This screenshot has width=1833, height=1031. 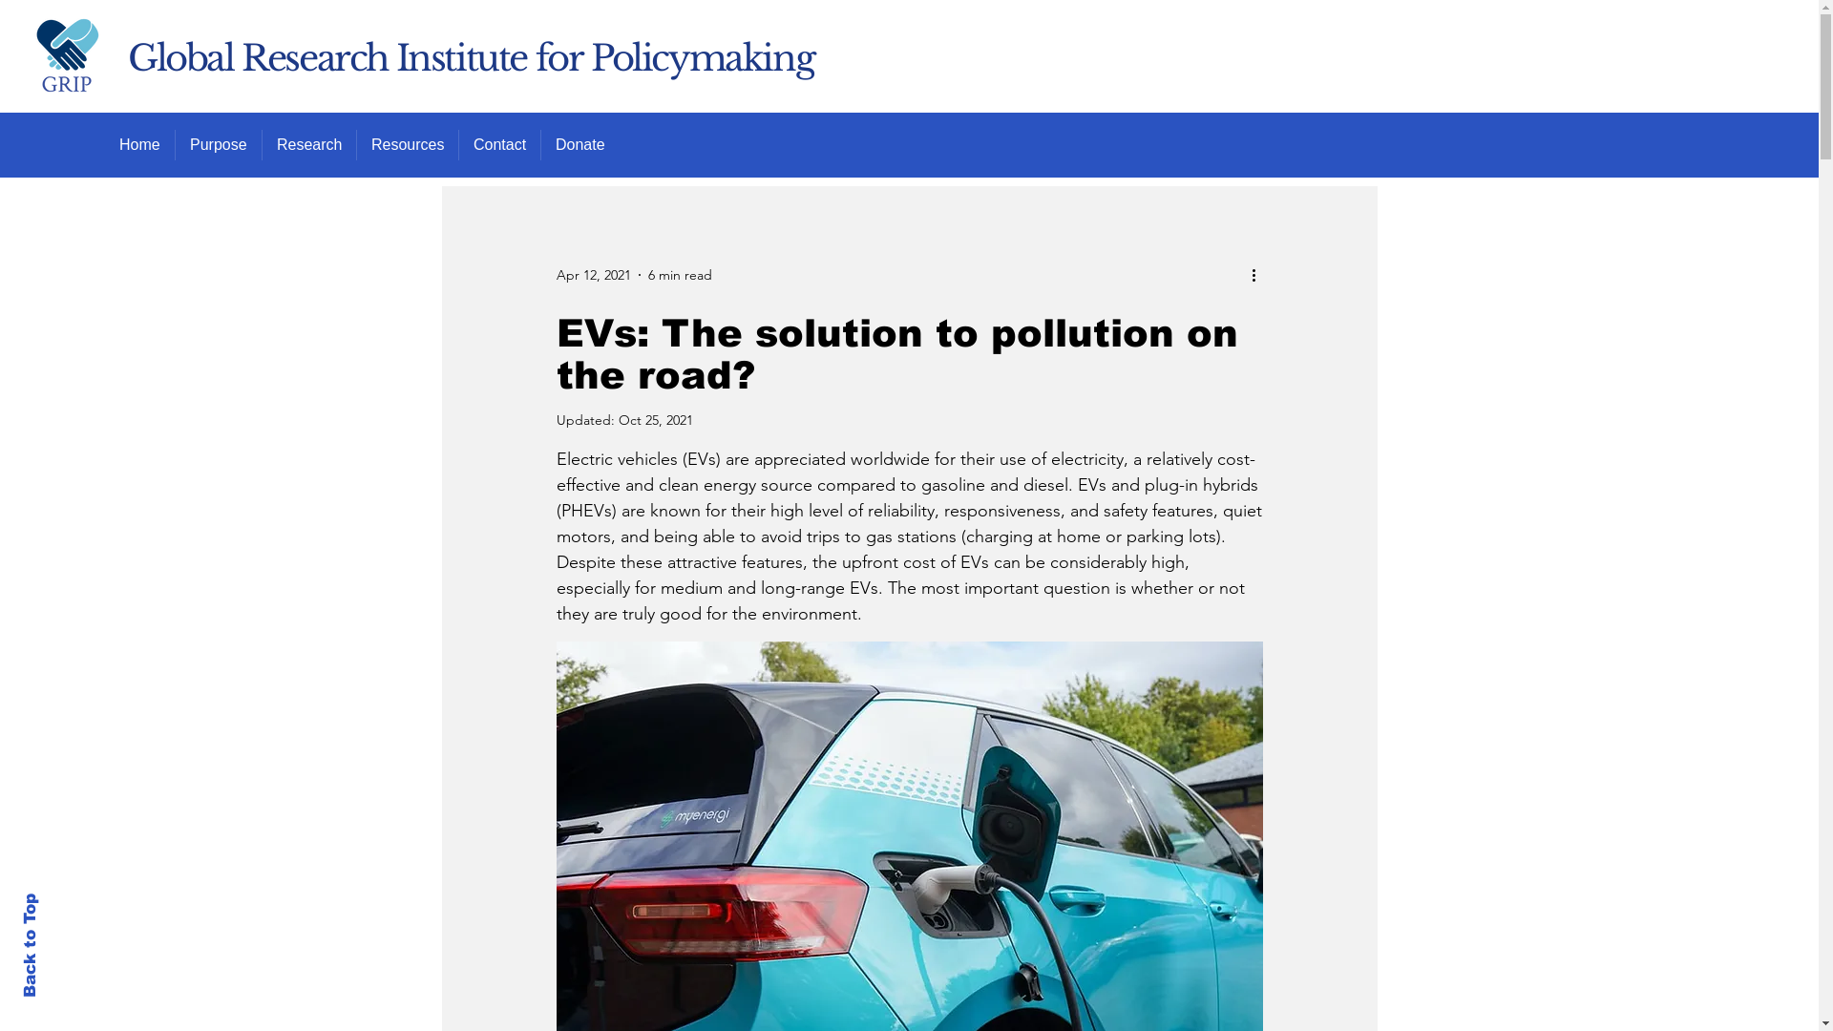 I want to click on 'Donate', so click(x=539, y=143).